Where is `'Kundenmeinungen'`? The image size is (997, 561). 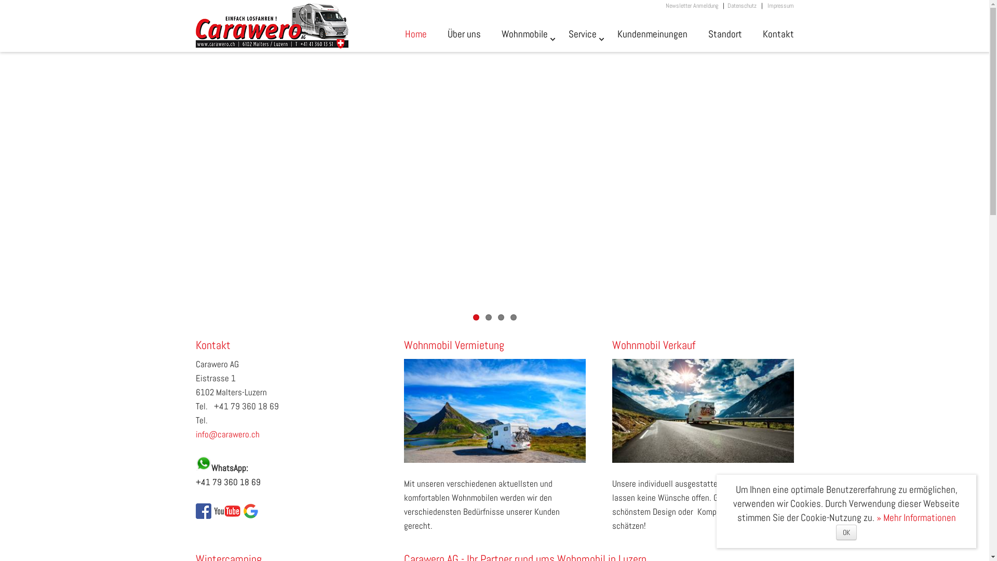 'Kundenmeinungen' is located at coordinates (651, 39).